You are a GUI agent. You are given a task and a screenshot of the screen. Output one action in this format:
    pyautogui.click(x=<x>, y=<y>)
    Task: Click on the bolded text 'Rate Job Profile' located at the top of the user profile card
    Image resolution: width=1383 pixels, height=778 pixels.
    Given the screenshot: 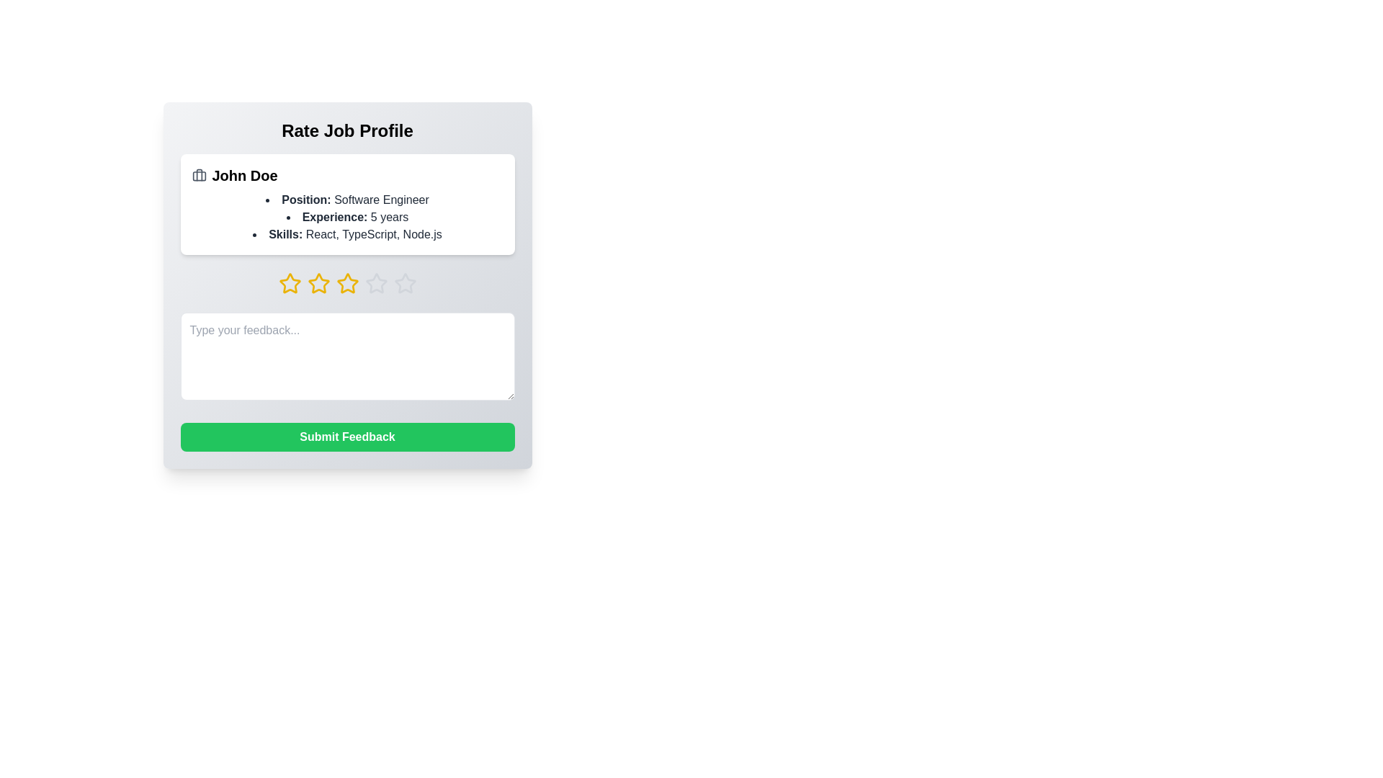 What is the action you would take?
    pyautogui.click(x=347, y=130)
    